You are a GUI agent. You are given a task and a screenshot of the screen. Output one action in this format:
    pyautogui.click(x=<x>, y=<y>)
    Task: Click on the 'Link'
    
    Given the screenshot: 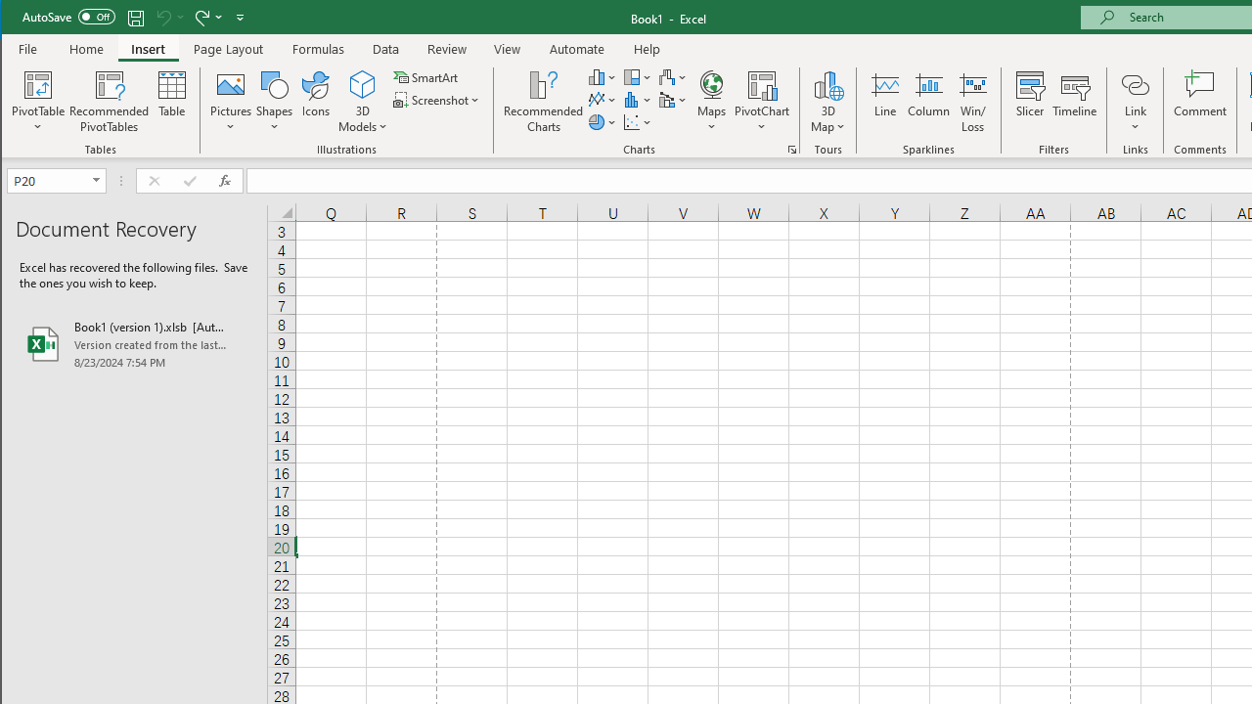 What is the action you would take?
    pyautogui.click(x=1135, y=83)
    